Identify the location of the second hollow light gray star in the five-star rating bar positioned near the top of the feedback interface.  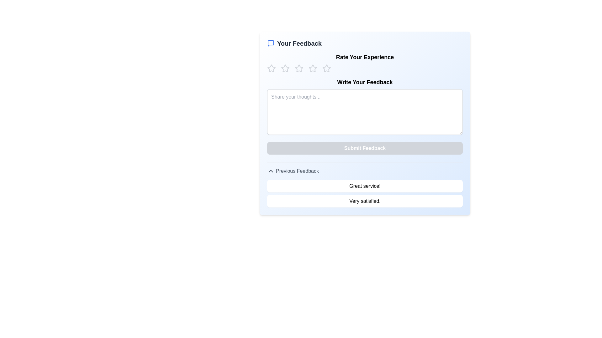
(285, 68).